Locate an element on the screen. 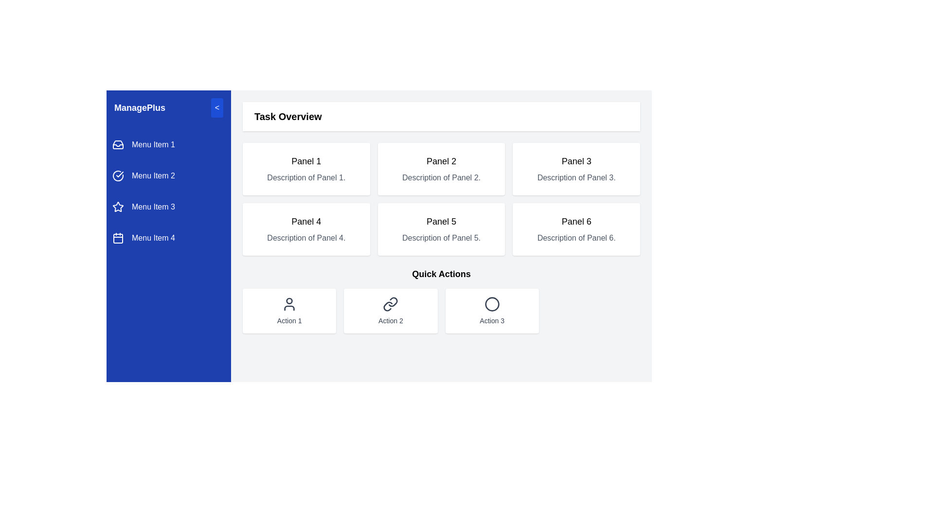  the text label displaying 'Action 3', which is centrally aligned within the 'Quick Actions' section and positioned below a circular icon is located at coordinates (492, 320).